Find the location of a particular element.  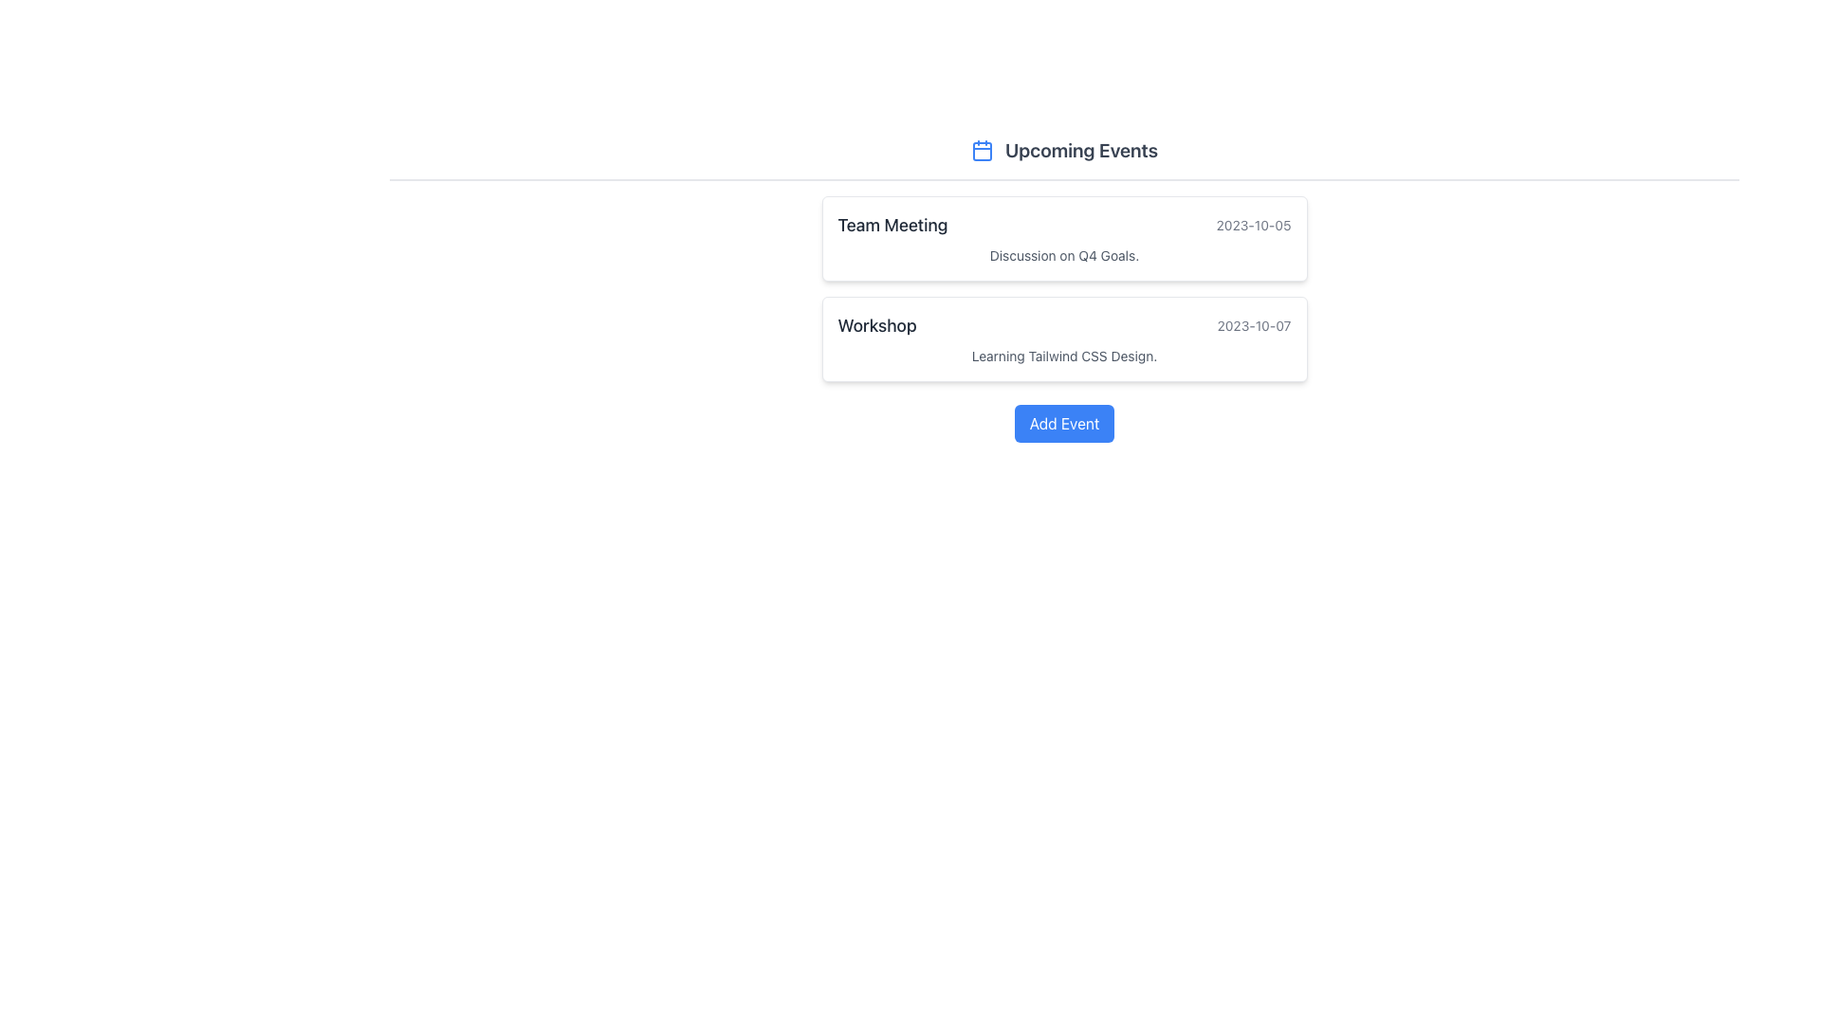

the 'Team Meeting' text element displayed in bold and large font, indicating a title or heading is located at coordinates (892, 225).